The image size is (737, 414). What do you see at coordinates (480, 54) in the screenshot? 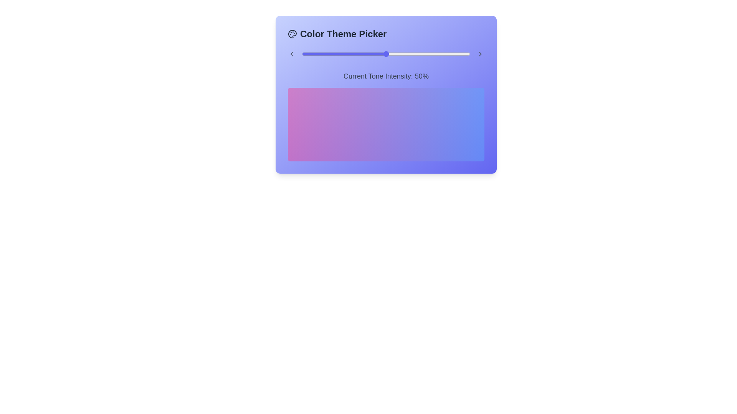
I see `the right chevron icon to navigate the color themes` at bounding box center [480, 54].